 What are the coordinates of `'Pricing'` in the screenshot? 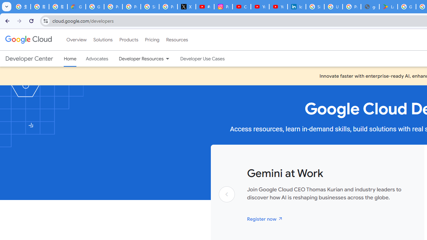 It's located at (151, 40).